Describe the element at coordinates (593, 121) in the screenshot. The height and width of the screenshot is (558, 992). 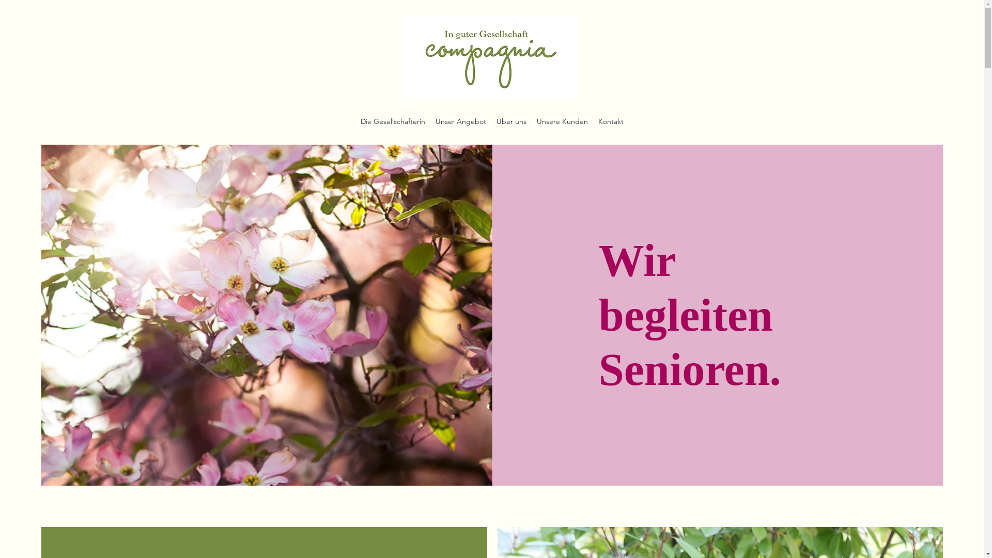
I see `'Kontakt'` at that location.